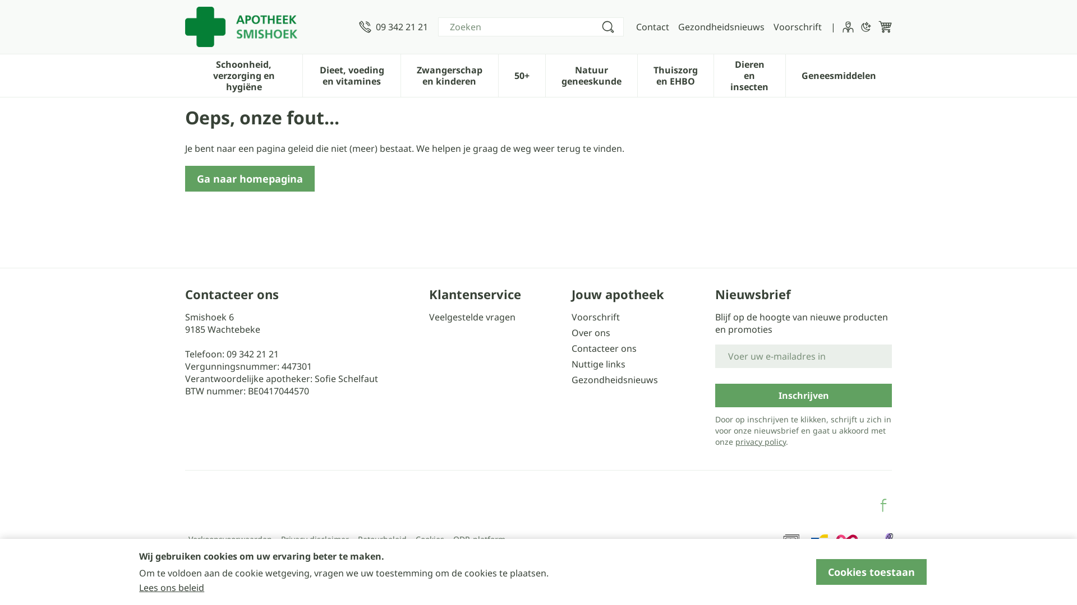  Describe the element at coordinates (749, 74) in the screenshot. I see `'Dieren en insecten'` at that location.